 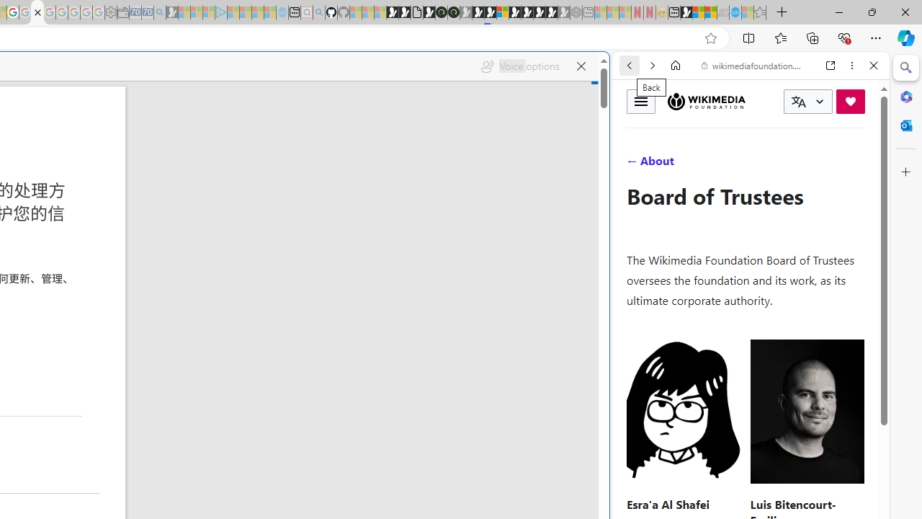 What do you see at coordinates (850, 100) in the screenshot?
I see `'Donate now'` at bounding box center [850, 100].